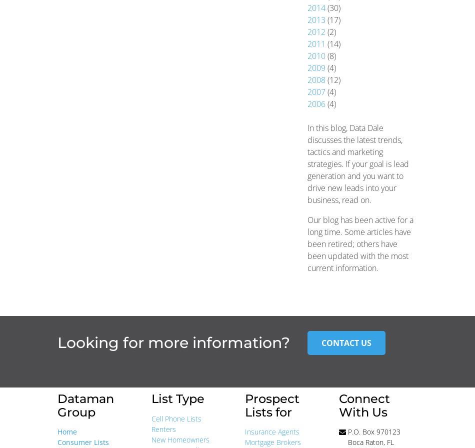 The image size is (475, 448). Describe the element at coordinates (316, 43) in the screenshot. I see `'2011'` at that location.